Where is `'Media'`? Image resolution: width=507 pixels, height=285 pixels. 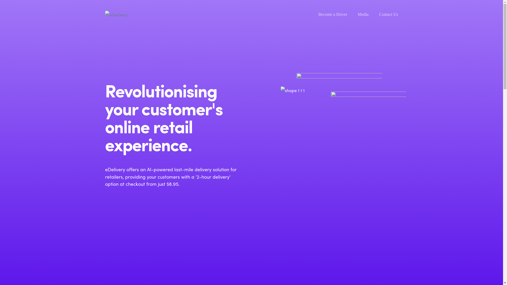
'Media' is located at coordinates (363, 14).